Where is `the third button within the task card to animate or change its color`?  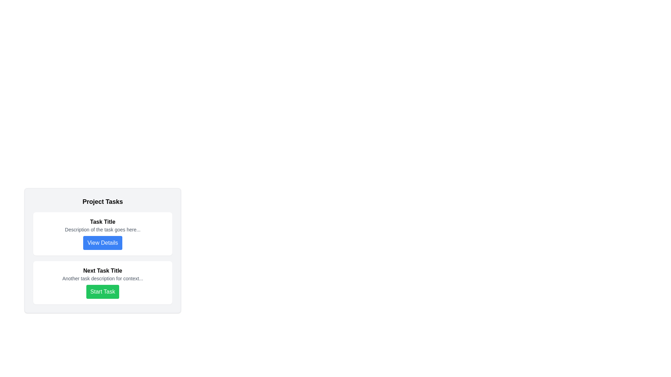 the third button within the task card to animate or change its color is located at coordinates (102, 242).